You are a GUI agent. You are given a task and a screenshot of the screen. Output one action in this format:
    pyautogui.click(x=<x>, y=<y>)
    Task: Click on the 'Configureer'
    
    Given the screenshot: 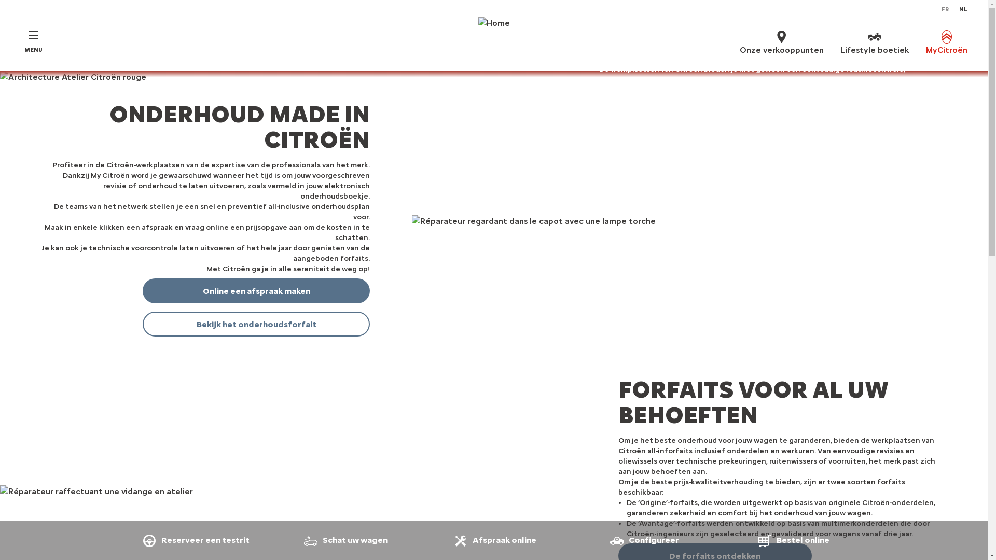 What is the action you would take?
    pyautogui.click(x=642, y=539)
    